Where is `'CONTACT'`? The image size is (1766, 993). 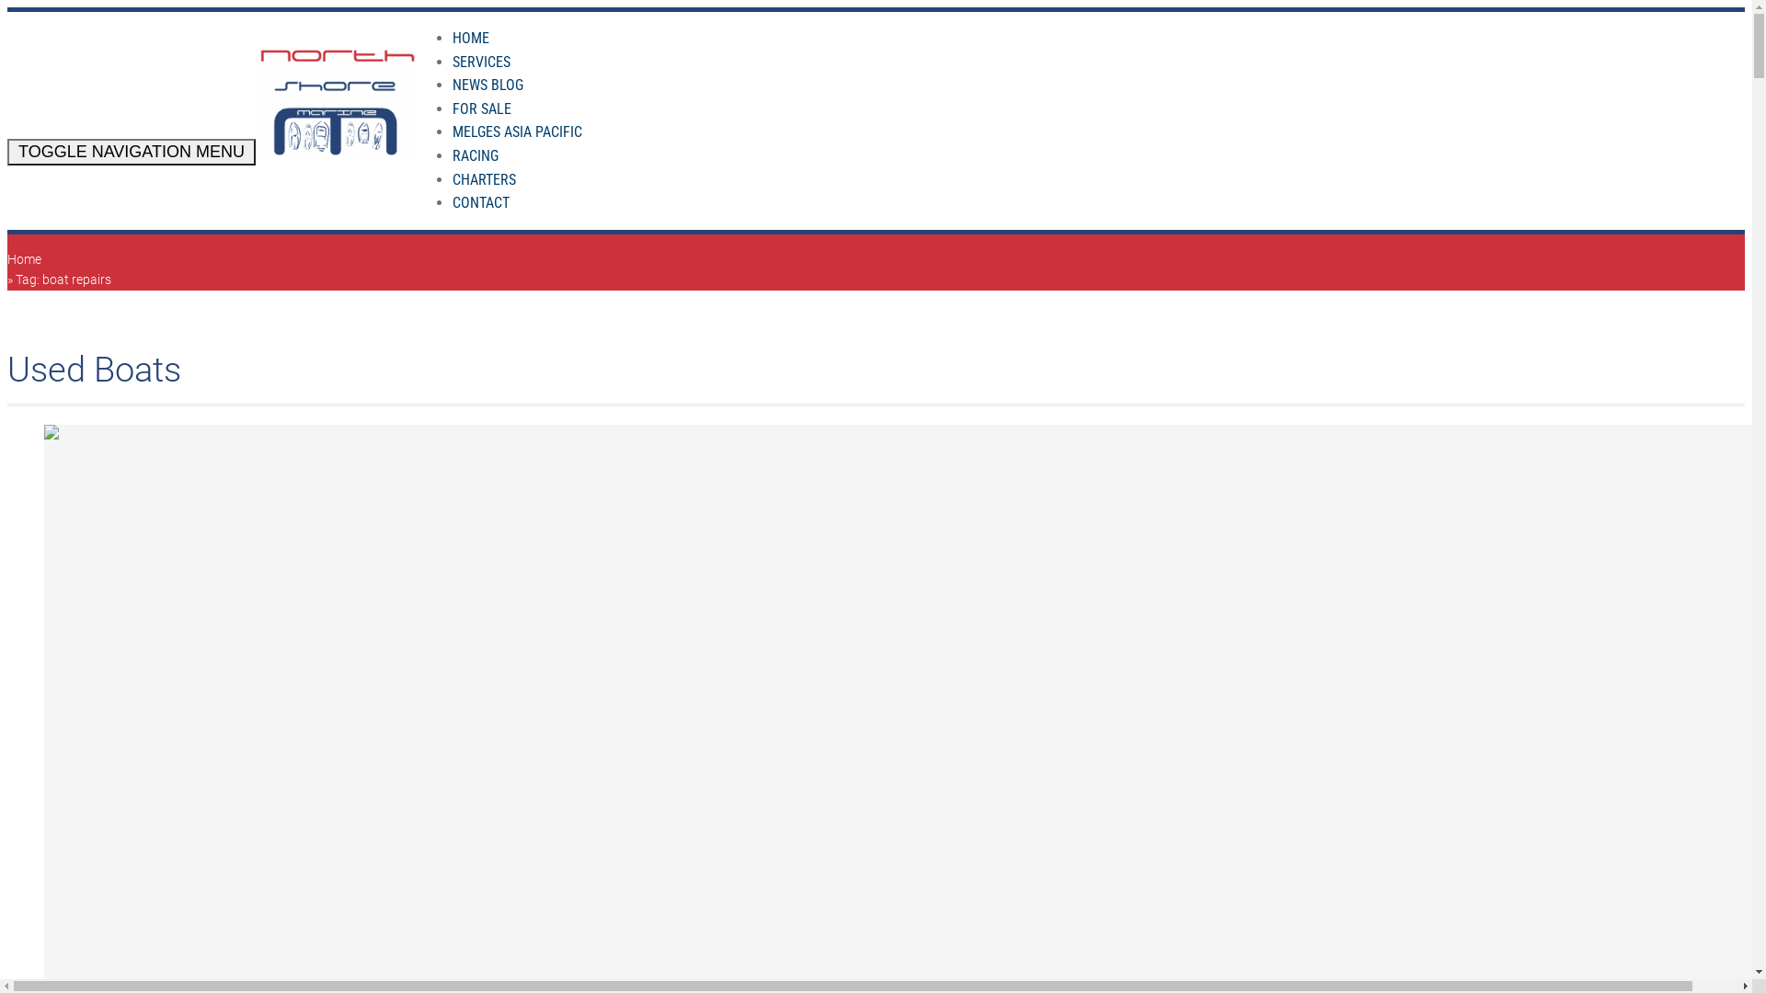 'CONTACT' is located at coordinates (481, 202).